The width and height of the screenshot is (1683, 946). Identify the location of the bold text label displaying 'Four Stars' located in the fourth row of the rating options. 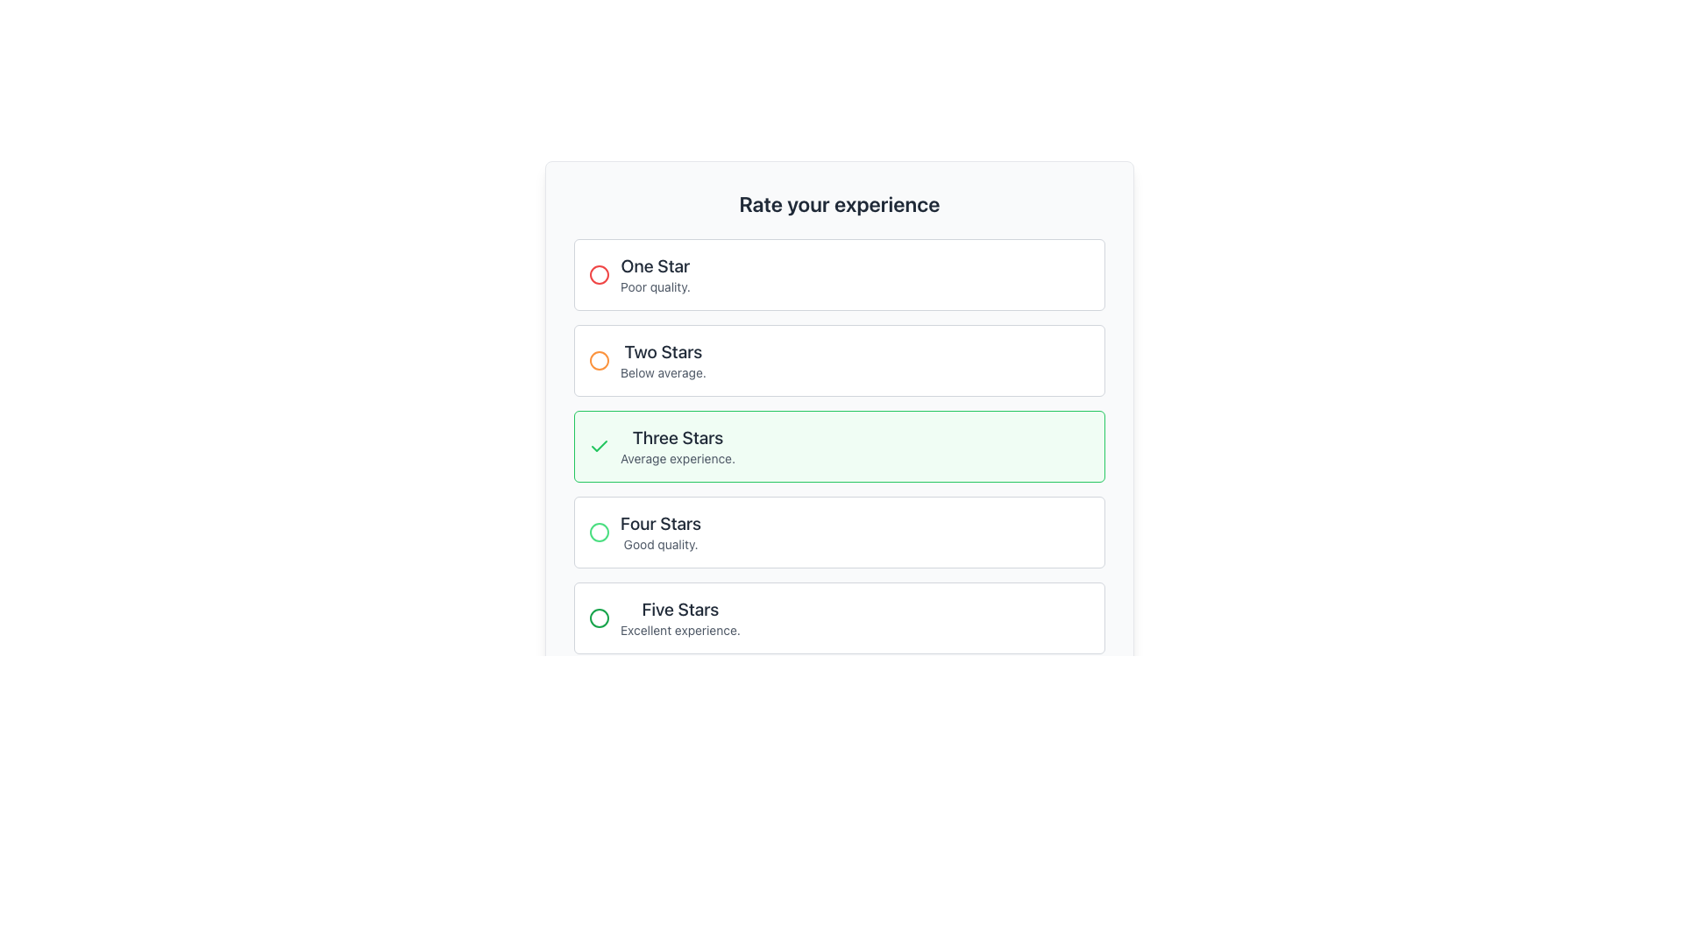
(659, 522).